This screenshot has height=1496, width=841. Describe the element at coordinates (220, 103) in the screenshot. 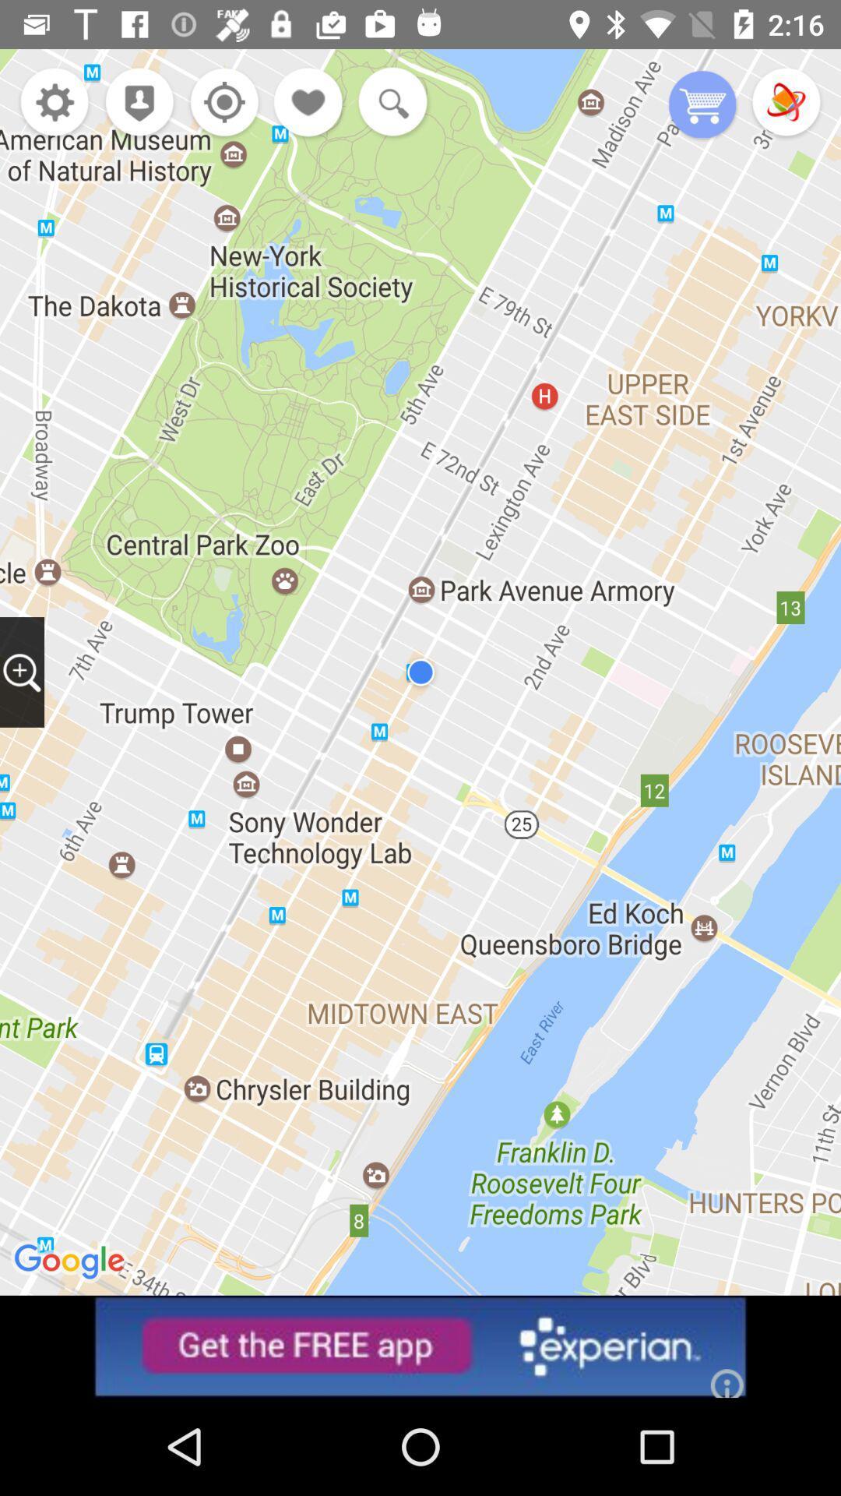

I see `pinpoint location` at that location.